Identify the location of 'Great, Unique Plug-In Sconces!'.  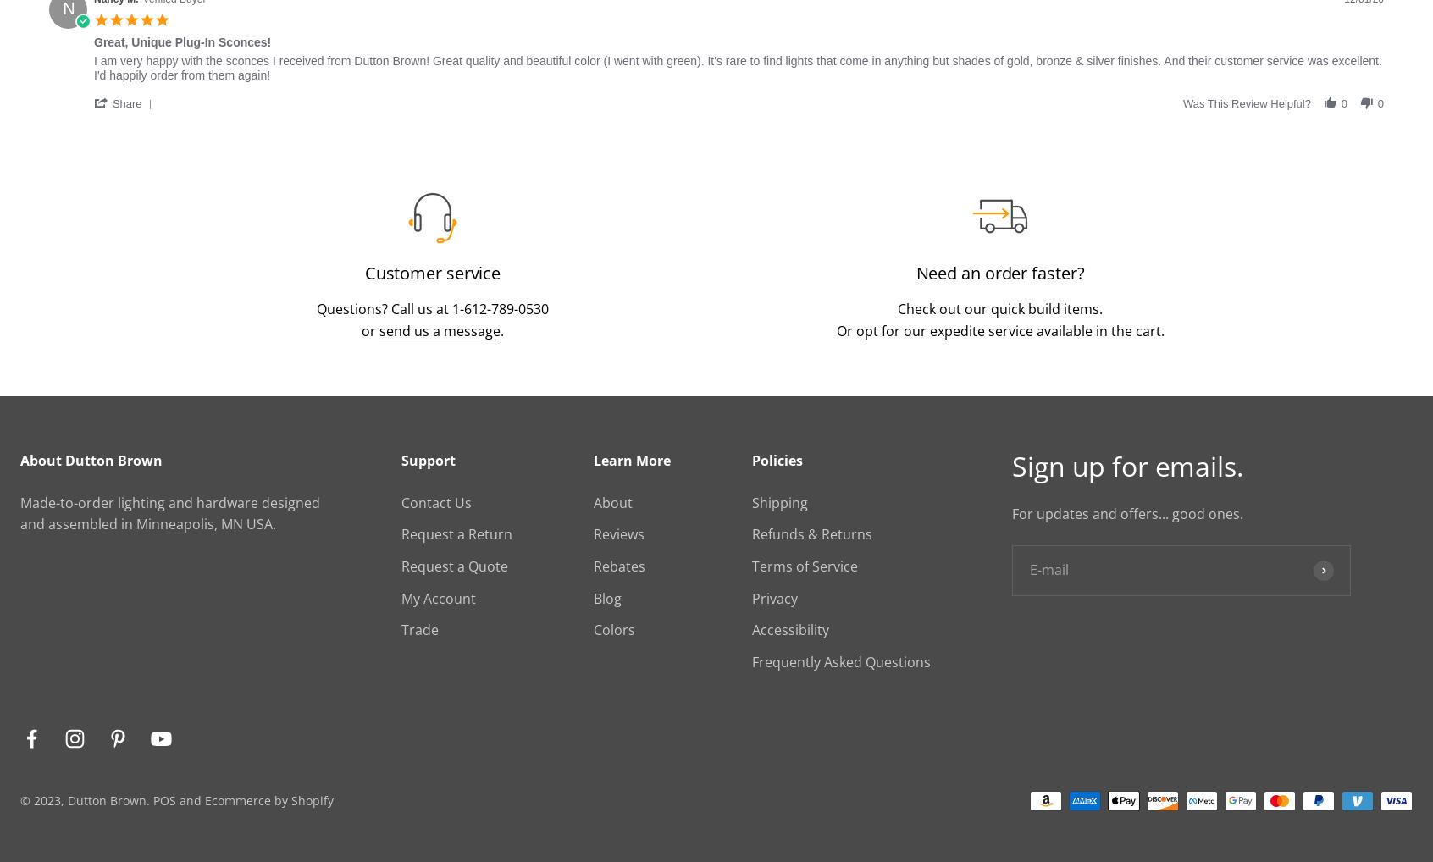
(182, 41).